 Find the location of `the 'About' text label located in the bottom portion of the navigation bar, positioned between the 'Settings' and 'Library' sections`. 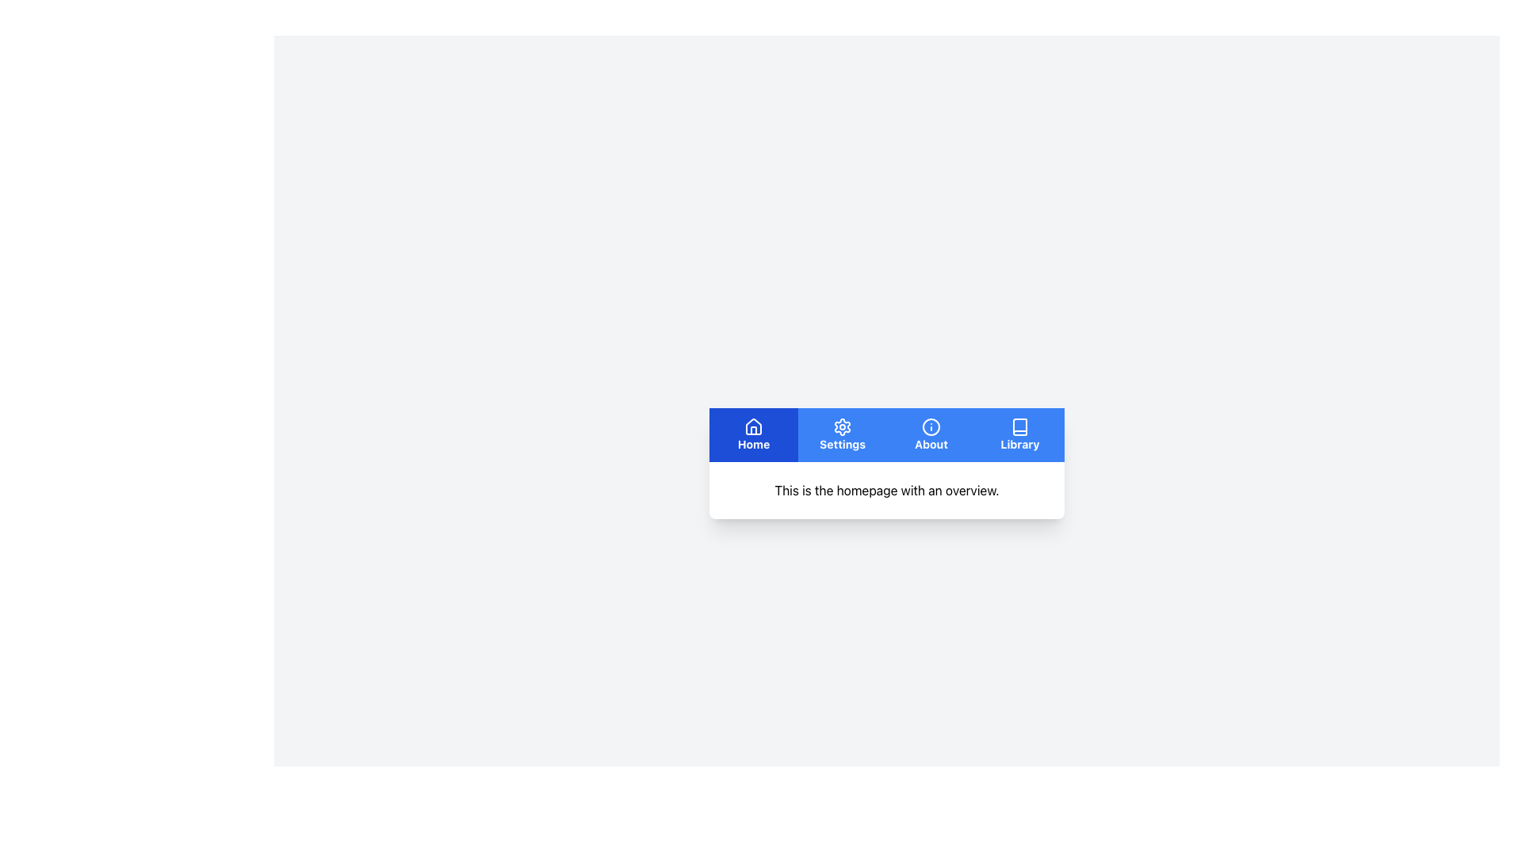

the 'About' text label located in the bottom portion of the navigation bar, positioned between the 'Settings' and 'Library' sections is located at coordinates (931, 444).